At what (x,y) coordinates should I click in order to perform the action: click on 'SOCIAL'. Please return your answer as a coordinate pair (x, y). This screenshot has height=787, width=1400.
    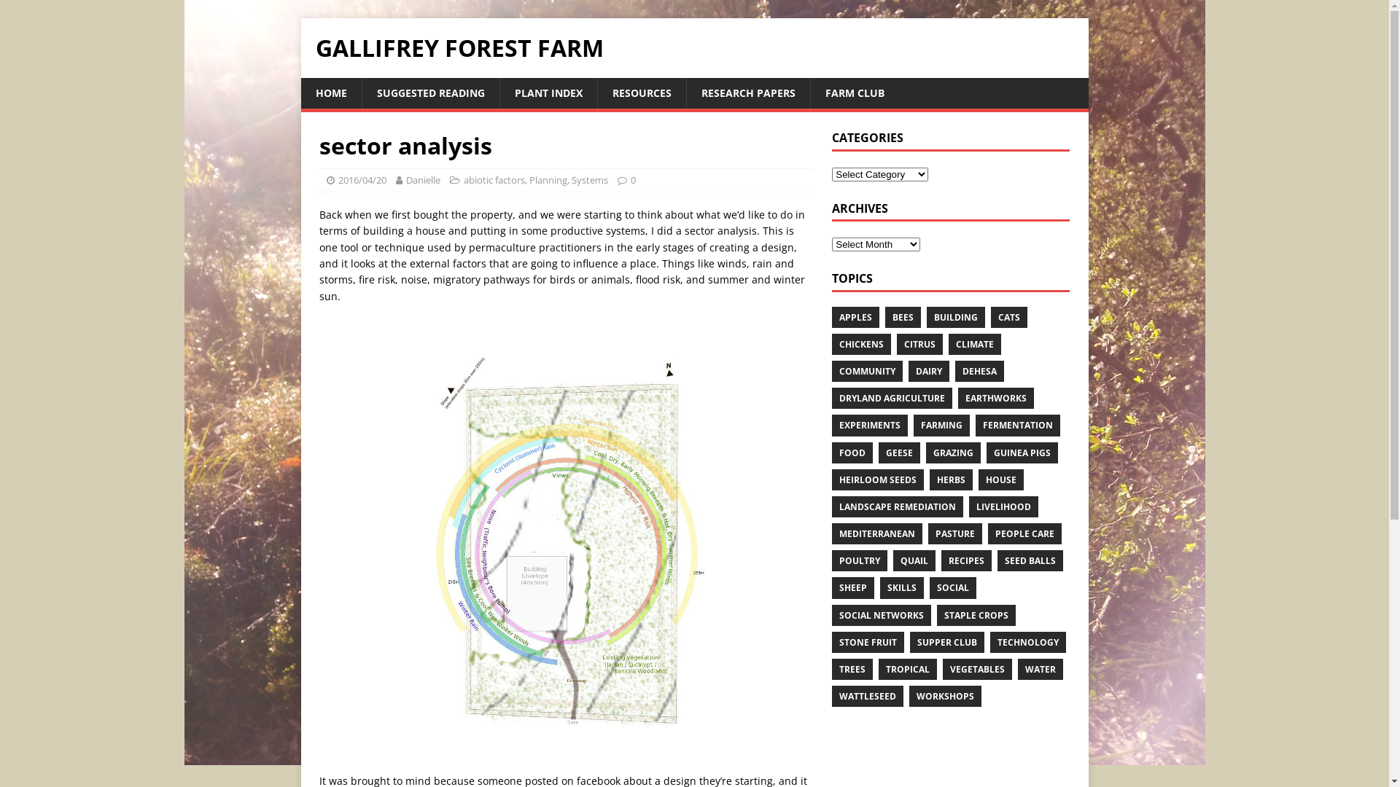
    Looking at the image, I should click on (952, 587).